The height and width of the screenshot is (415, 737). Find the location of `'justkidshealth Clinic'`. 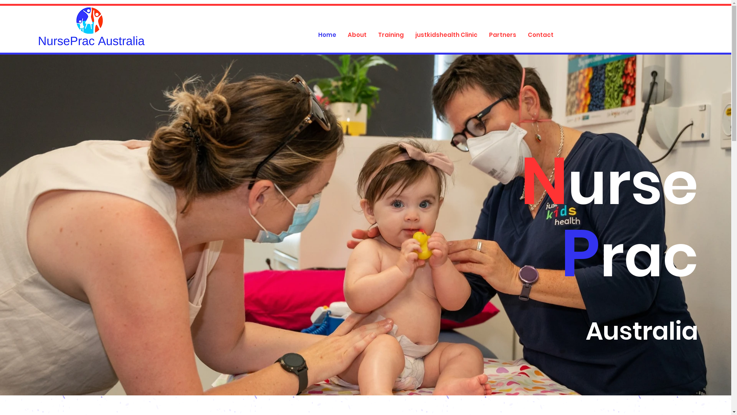

'justkidshealth Clinic' is located at coordinates (446, 35).